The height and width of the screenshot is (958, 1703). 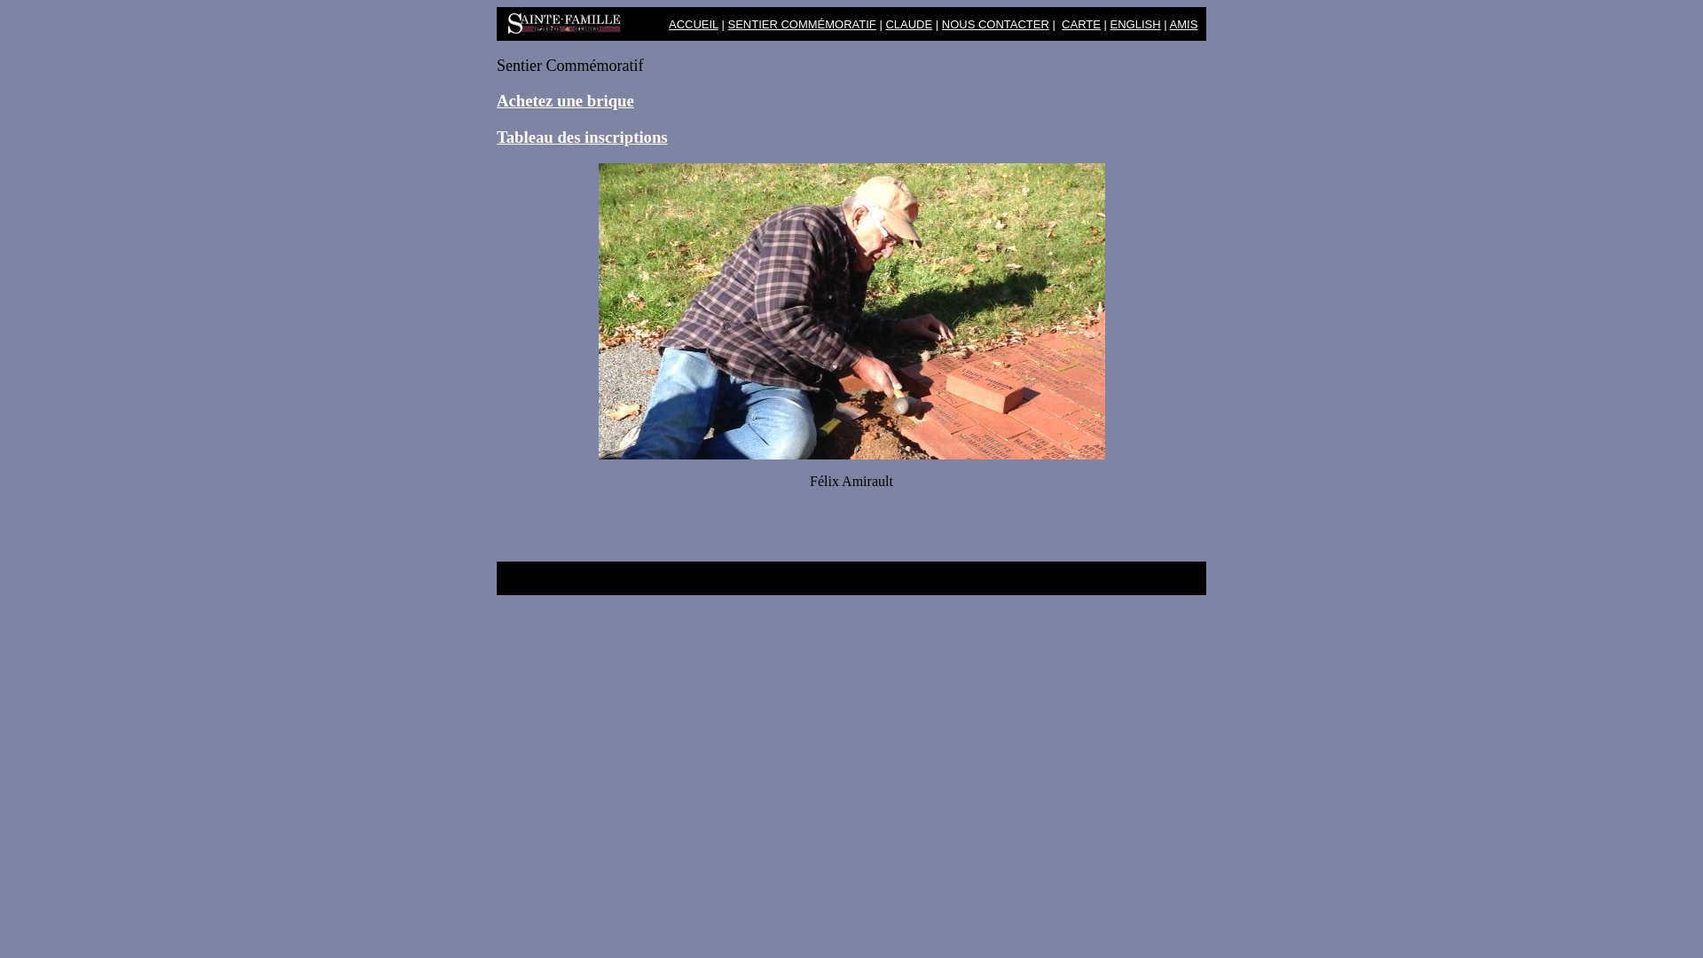 I want to click on 'ACCUEIL', so click(x=693, y=24).